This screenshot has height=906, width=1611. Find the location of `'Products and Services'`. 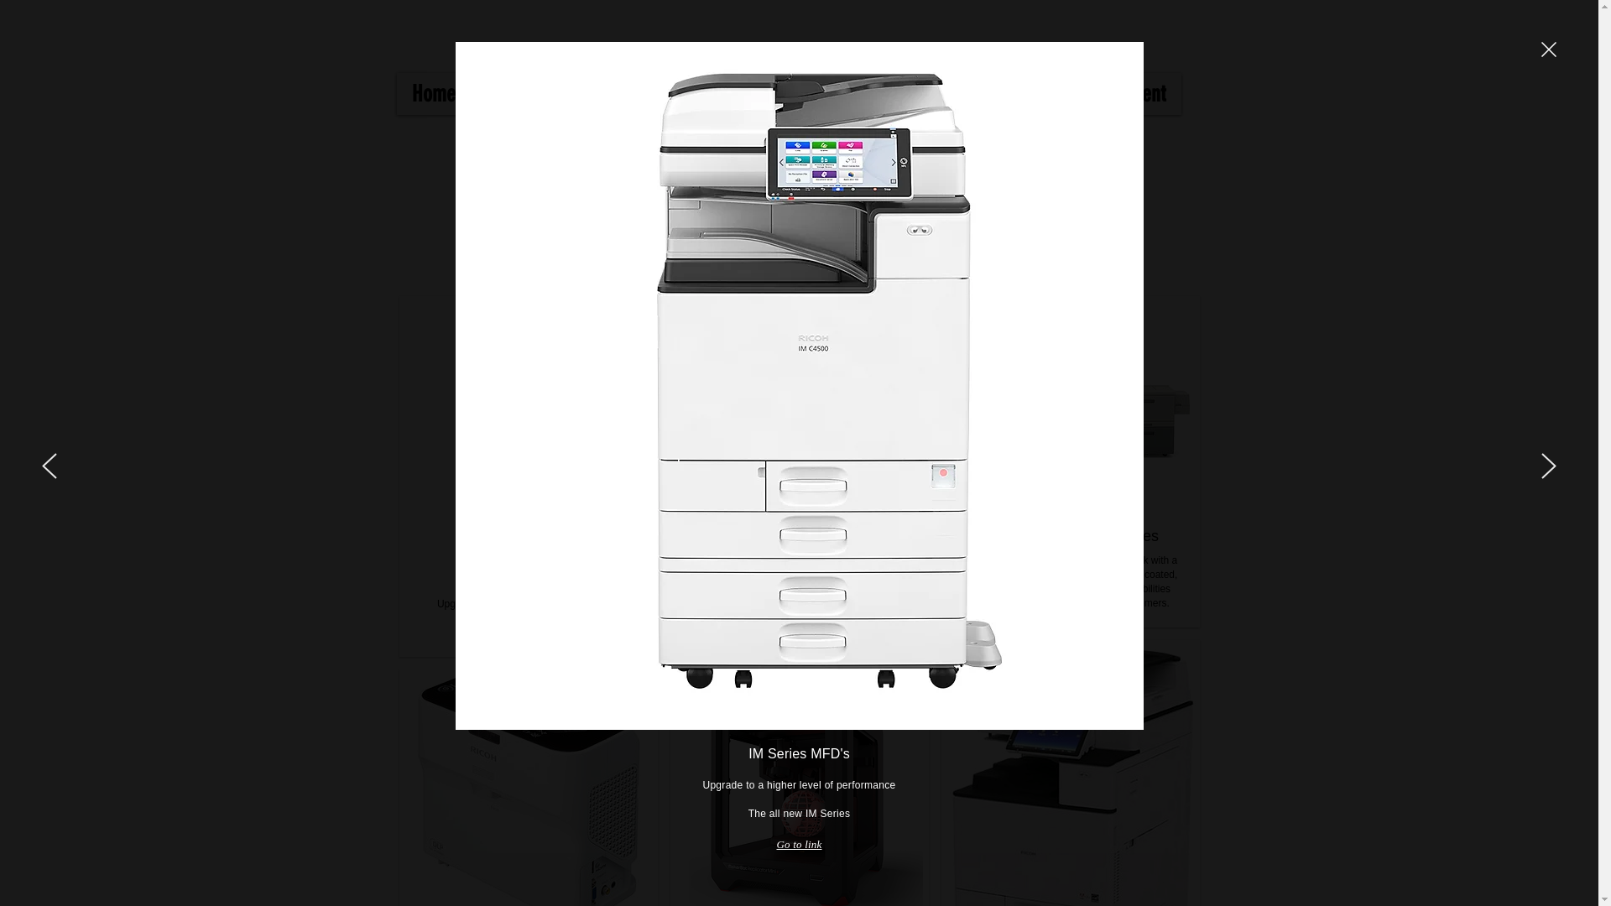

'Products and Services' is located at coordinates (470, 93).